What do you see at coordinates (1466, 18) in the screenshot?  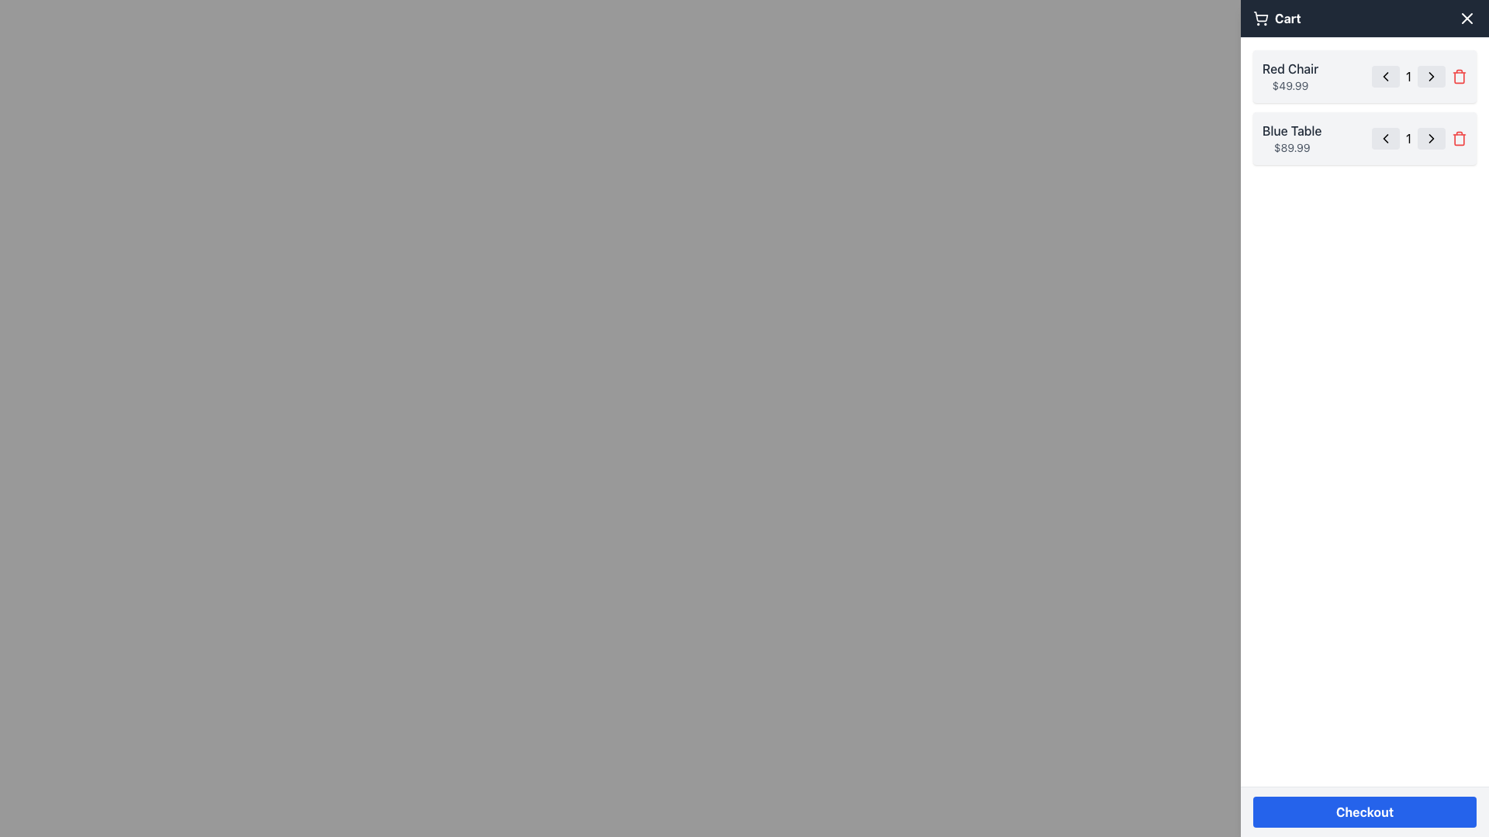 I see `the close button represented by a white 'X' icon on a dark background in the top-right corner of the cart panel header` at bounding box center [1466, 18].